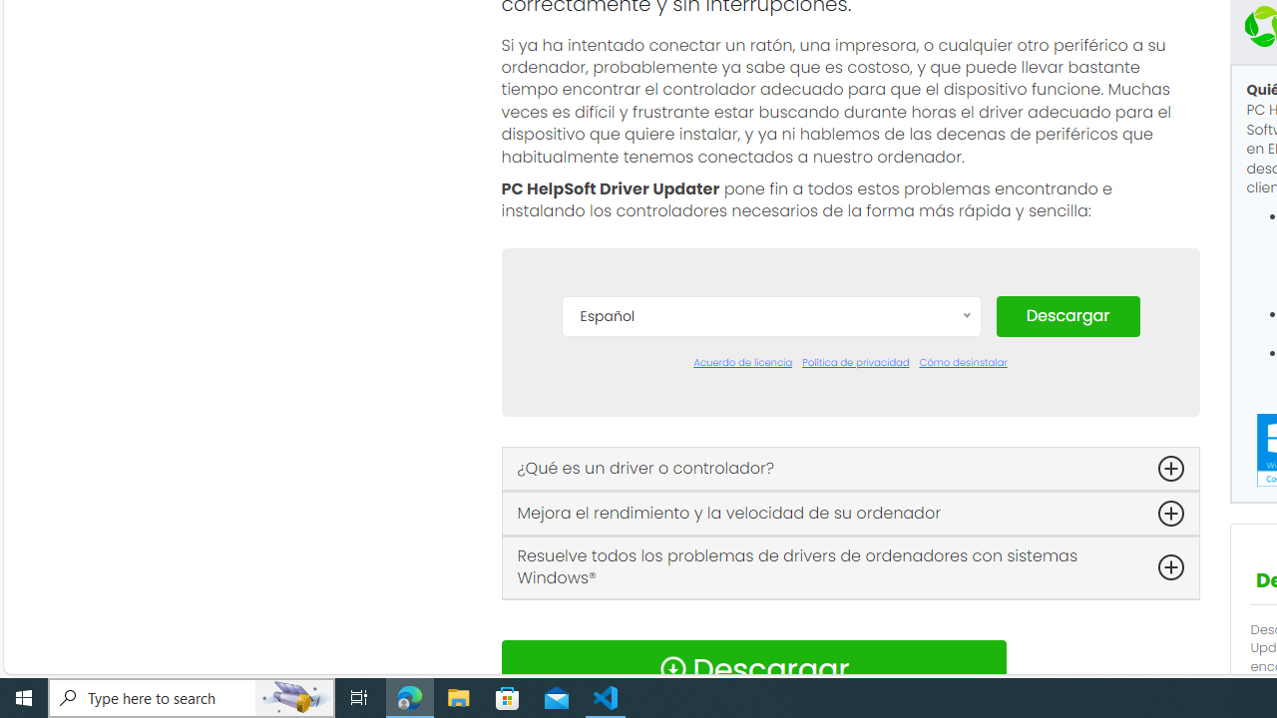  What do you see at coordinates (741, 362) in the screenshot?
I see `'Acuerdo de licencia'` at bounding box center [741, 362].